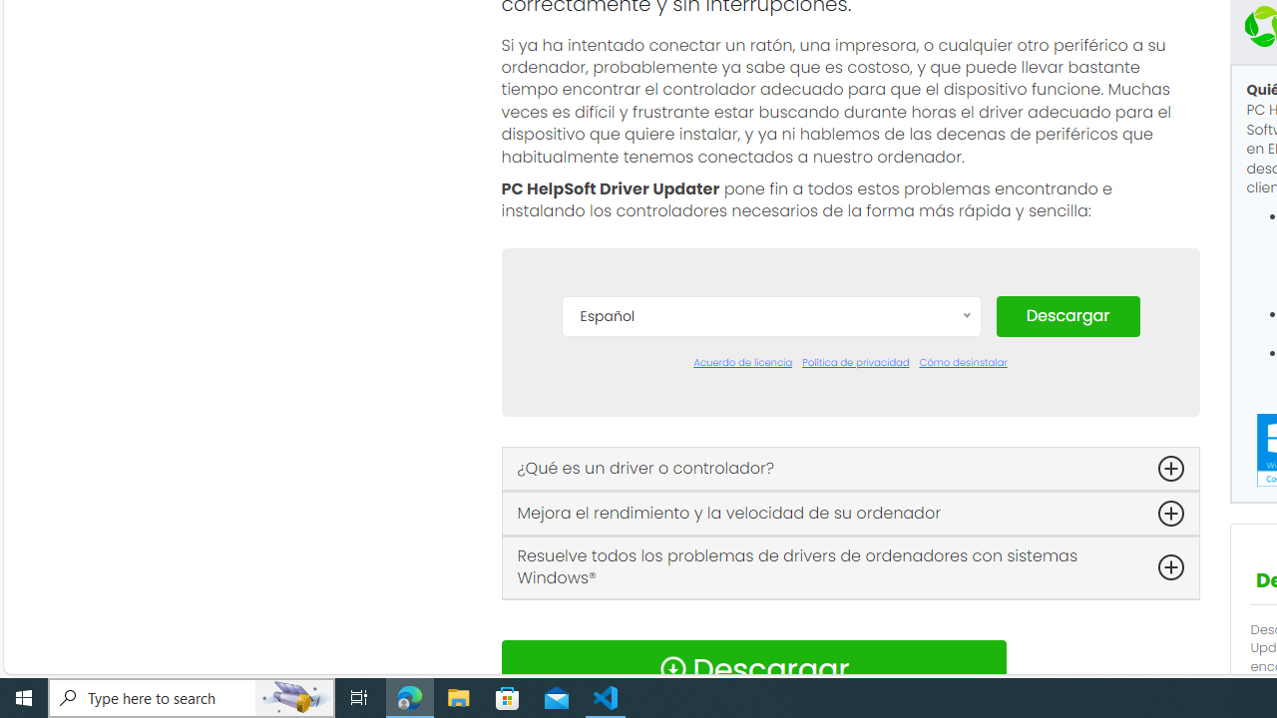  What do you see at coordinates (741, 362) in the screenshot?
I see `'Acuerdo de licencia'` at bounding box center [741, 362].